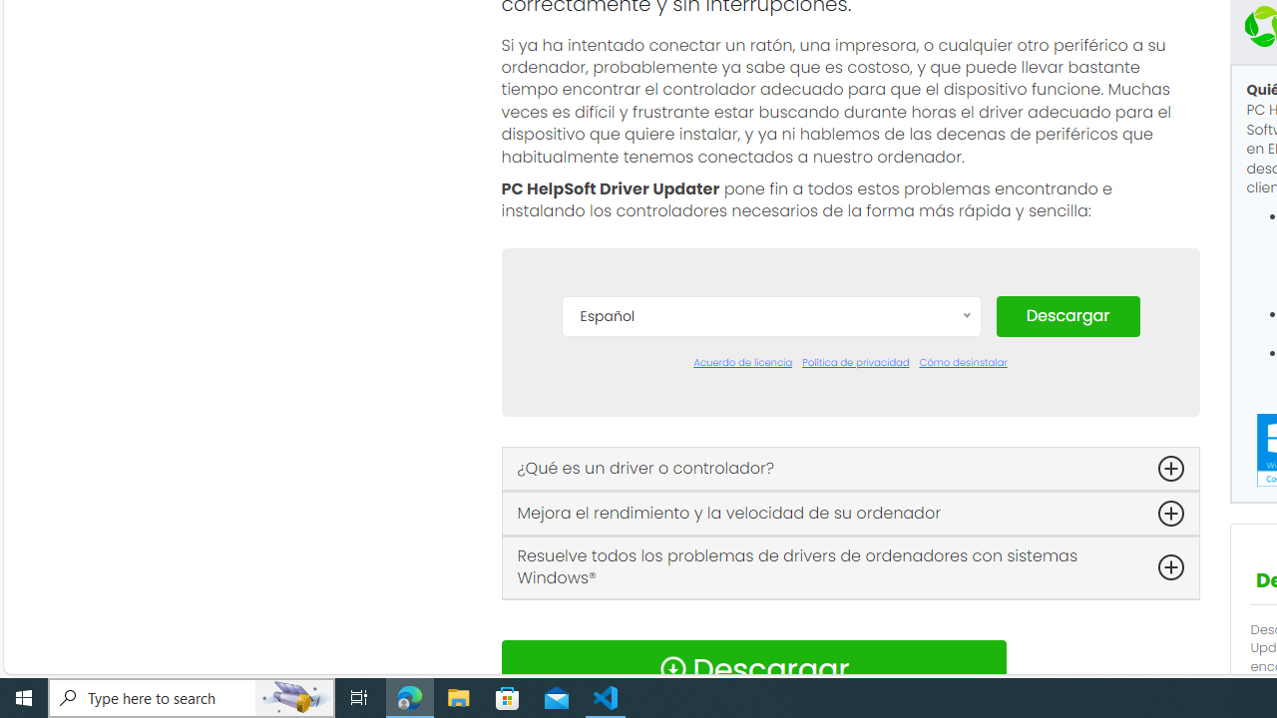  What do you see at coordinates (741, 362) in the screenshot?
I see `'Acuerdo de licencia'` at bounding box center [741, 362].